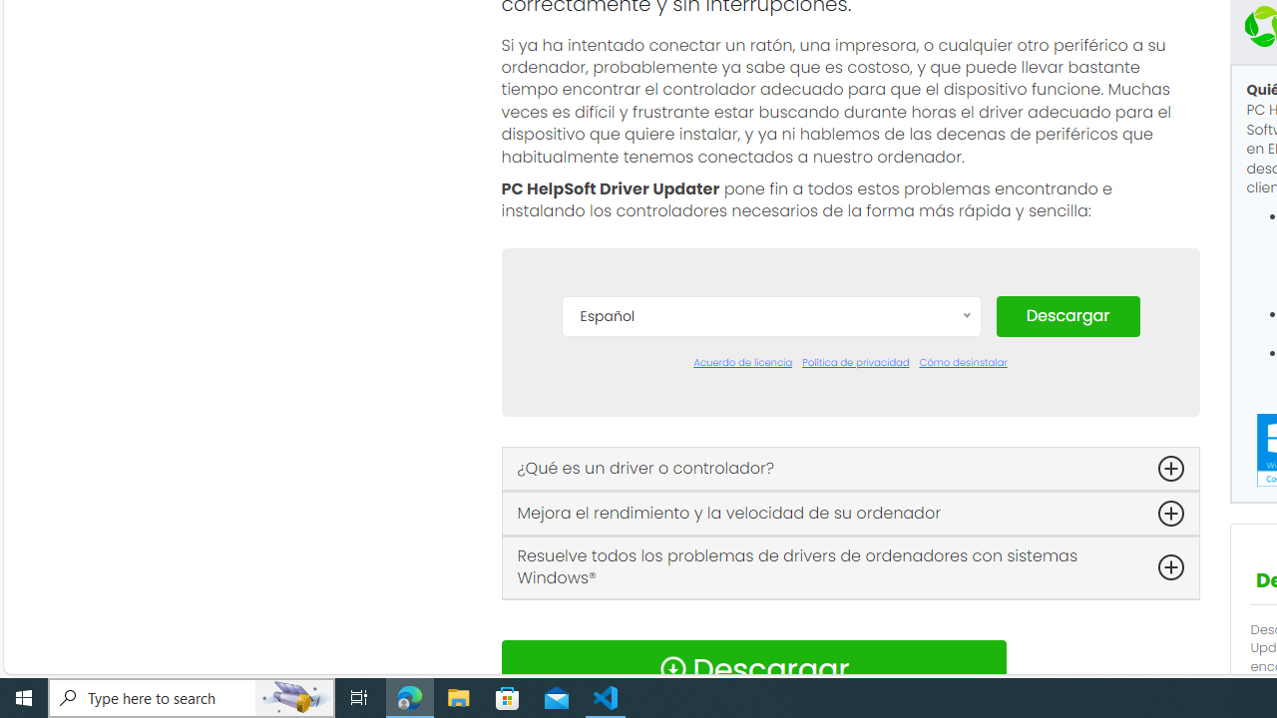  What do you see at coordinates (741, 362) in the screenshot?
I see `'Acuerdo de licencia'` at bounding box center [741, 362].